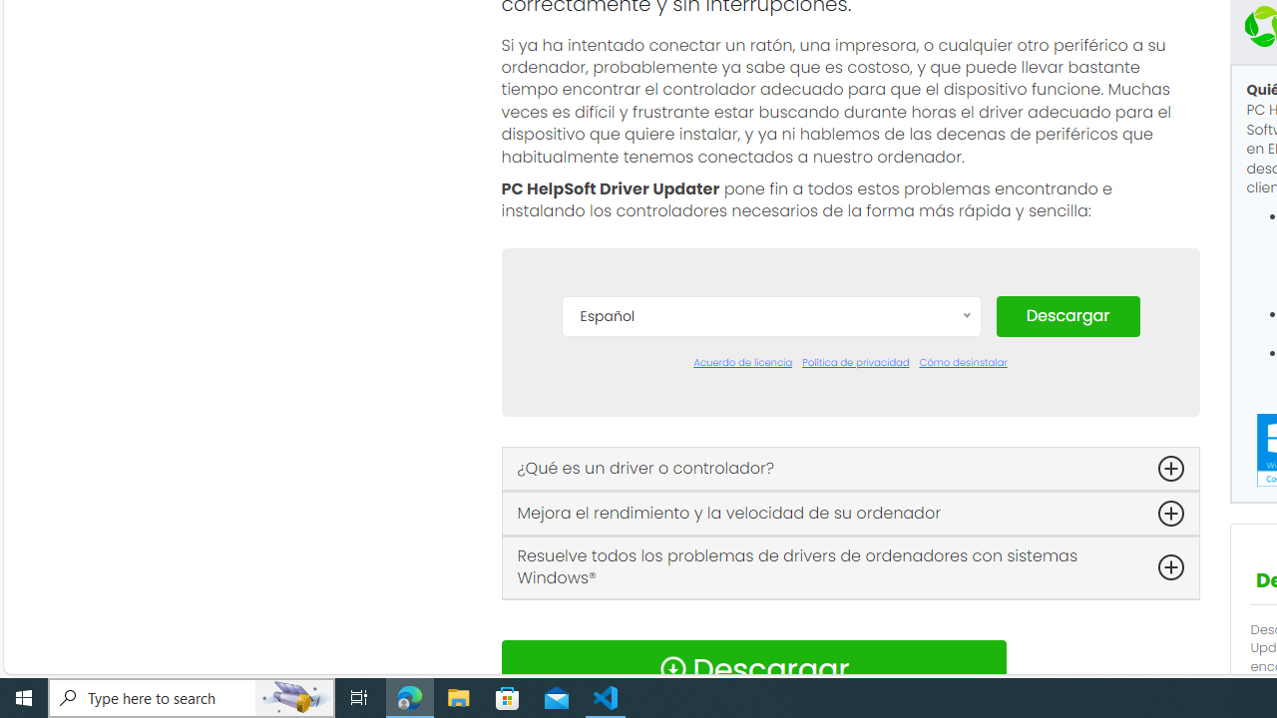  What do you see at coordinates (741, 362) in the screenshot?
I see `'Acuerdo de licencia'` at bounding box center [741, 362].